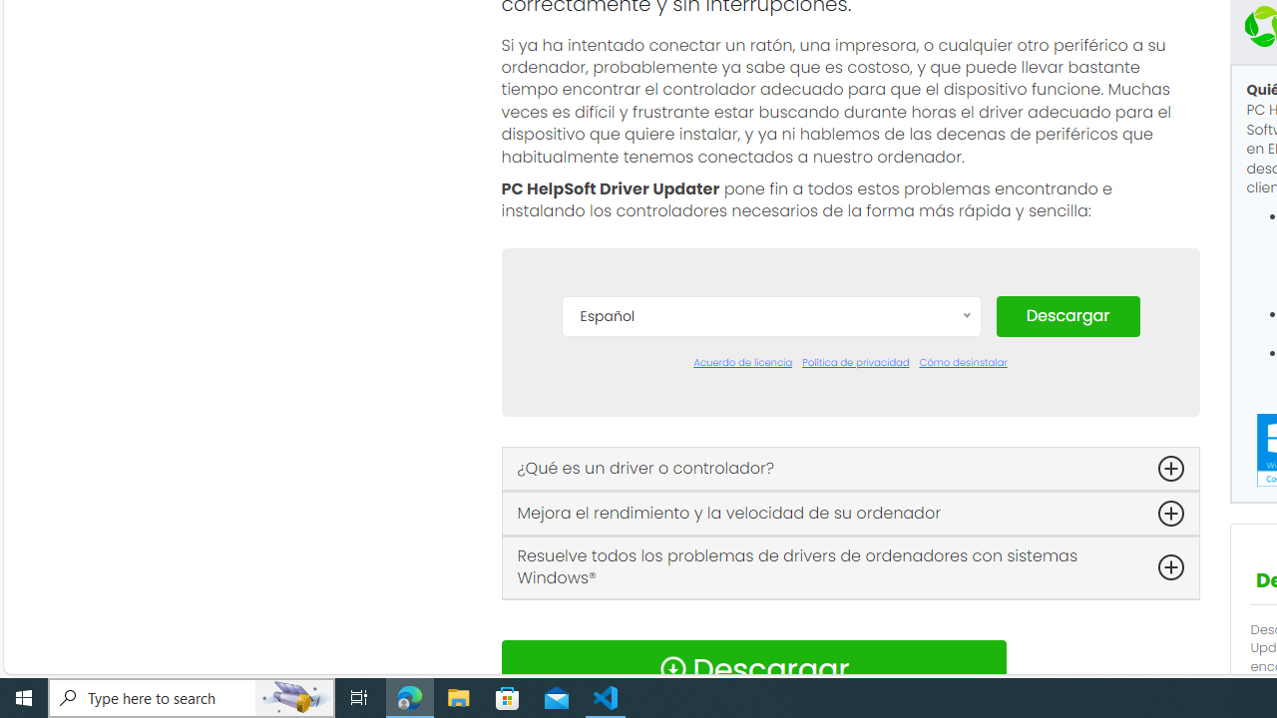  What do you see at coordinates (741, 362) in the screenshot?
I see `'Acuerdo de licencia'` at bounding box center [741, 362].